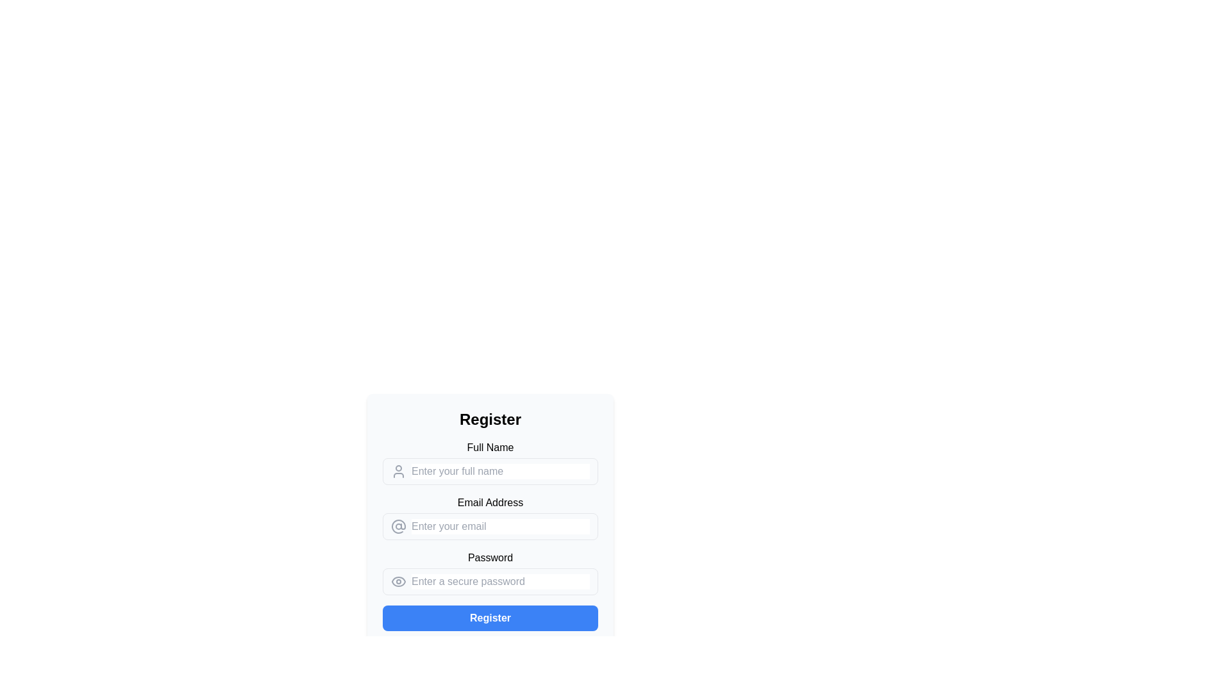 The image size is (1231, 692). I want to click on label text above the password input field to understand the input purpose, so click(489, 557).